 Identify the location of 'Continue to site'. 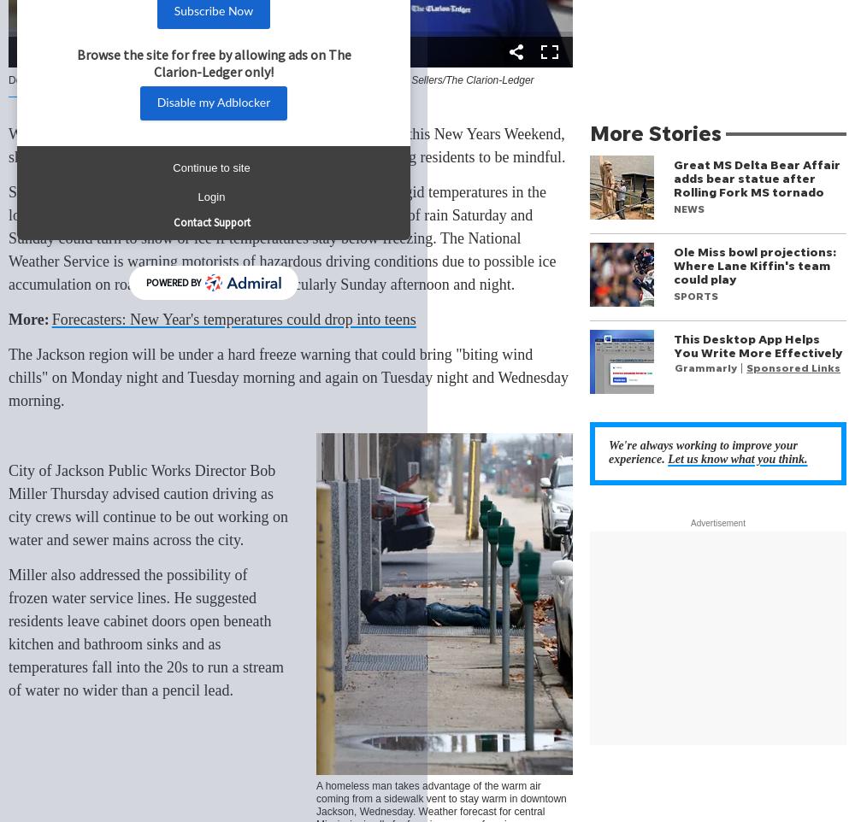
(210, 166).